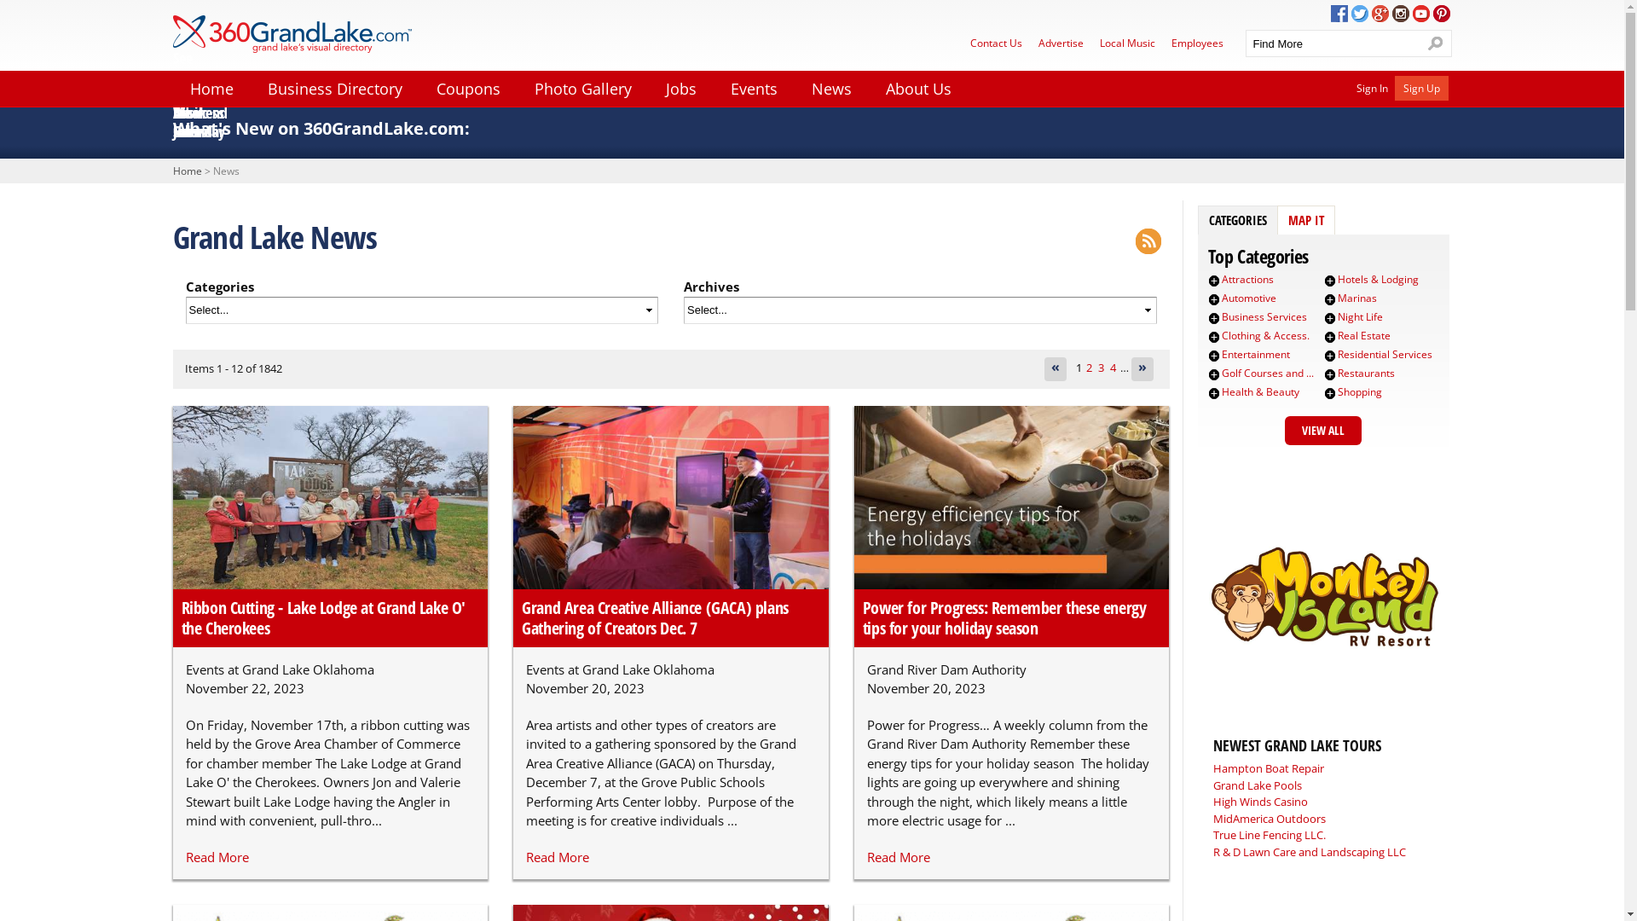 The image size is (1637, 921). What do you see at coordinates (1101, 367) in the screenshot?
I see `'3'` at bounding box center [1101, 367].